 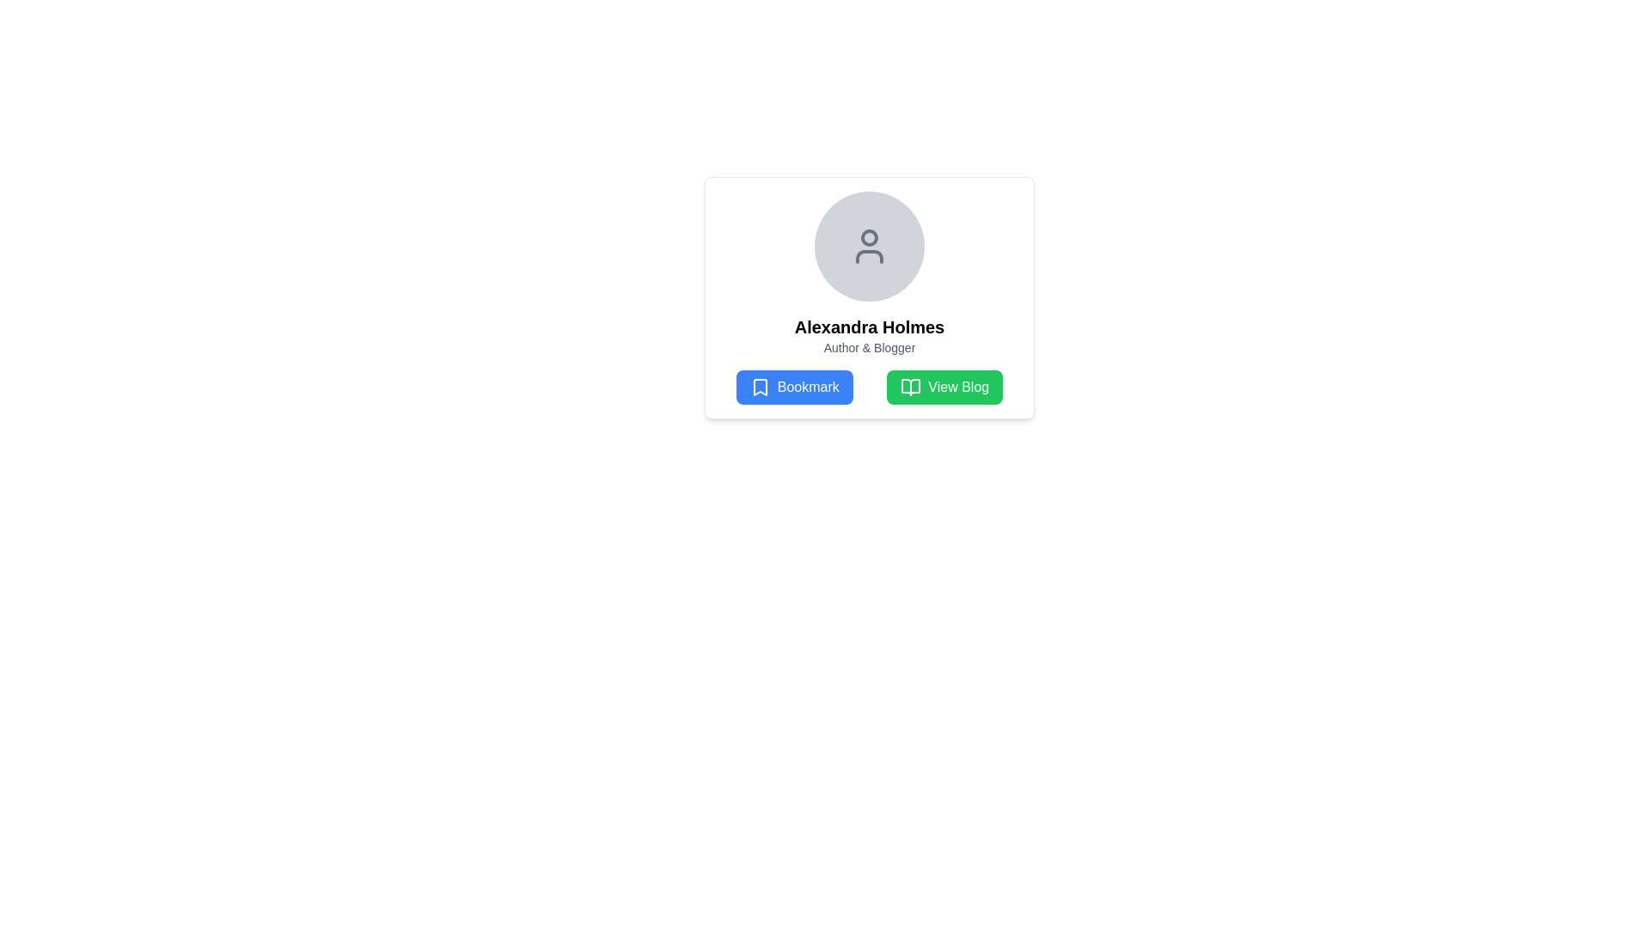 What do you see at coordinates (759, 388) in the screenshot?
I see `the decorative bookmark icon within the 'Bookmark' button located below the profile card for 'Alexandra Holmes'` at bounding box center [759, 388].